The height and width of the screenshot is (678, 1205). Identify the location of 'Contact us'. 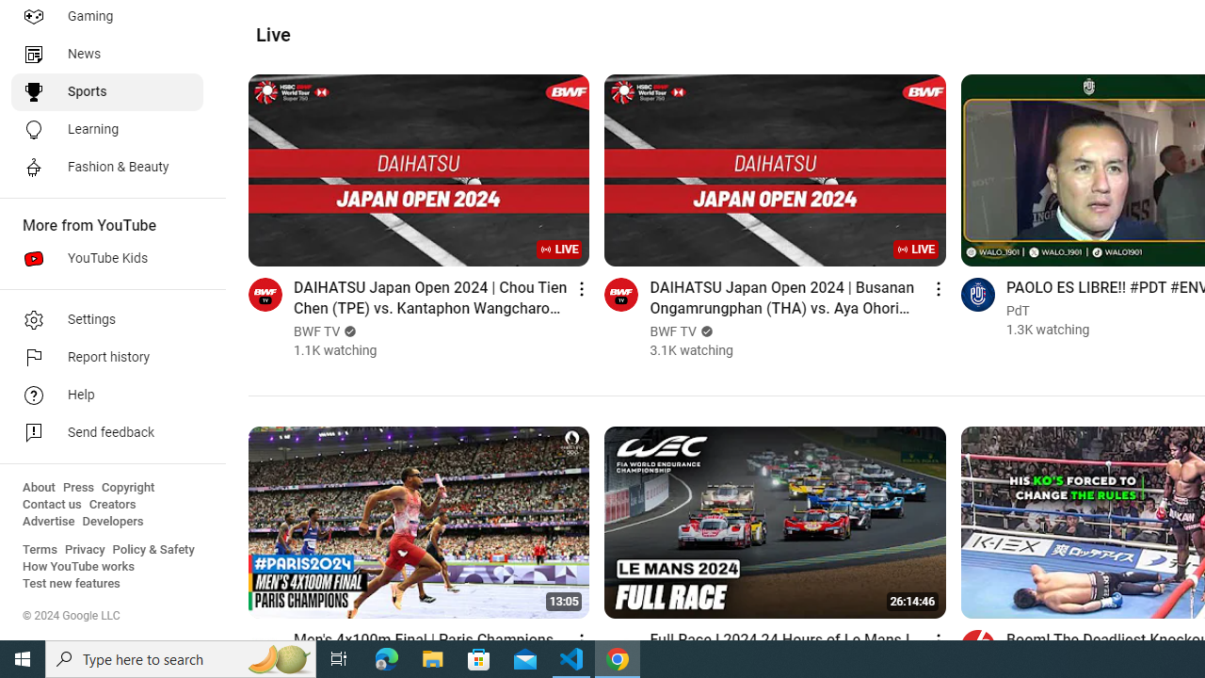
(52, 504).